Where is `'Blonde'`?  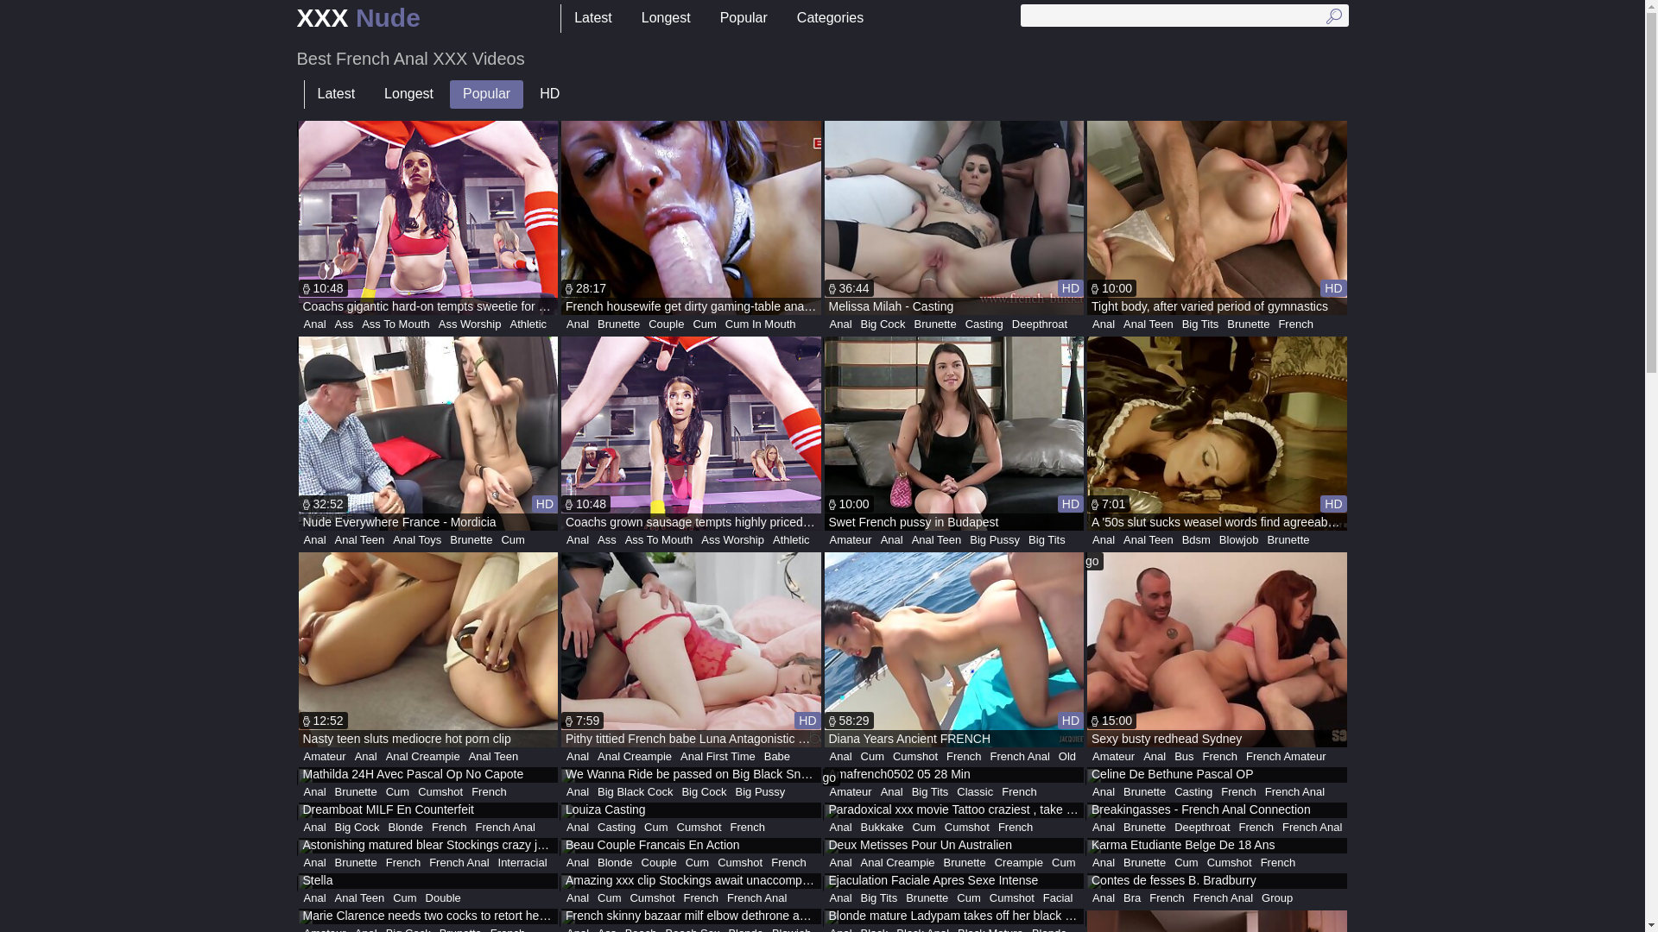 'Blonde' is located at coordinates (405, 827).